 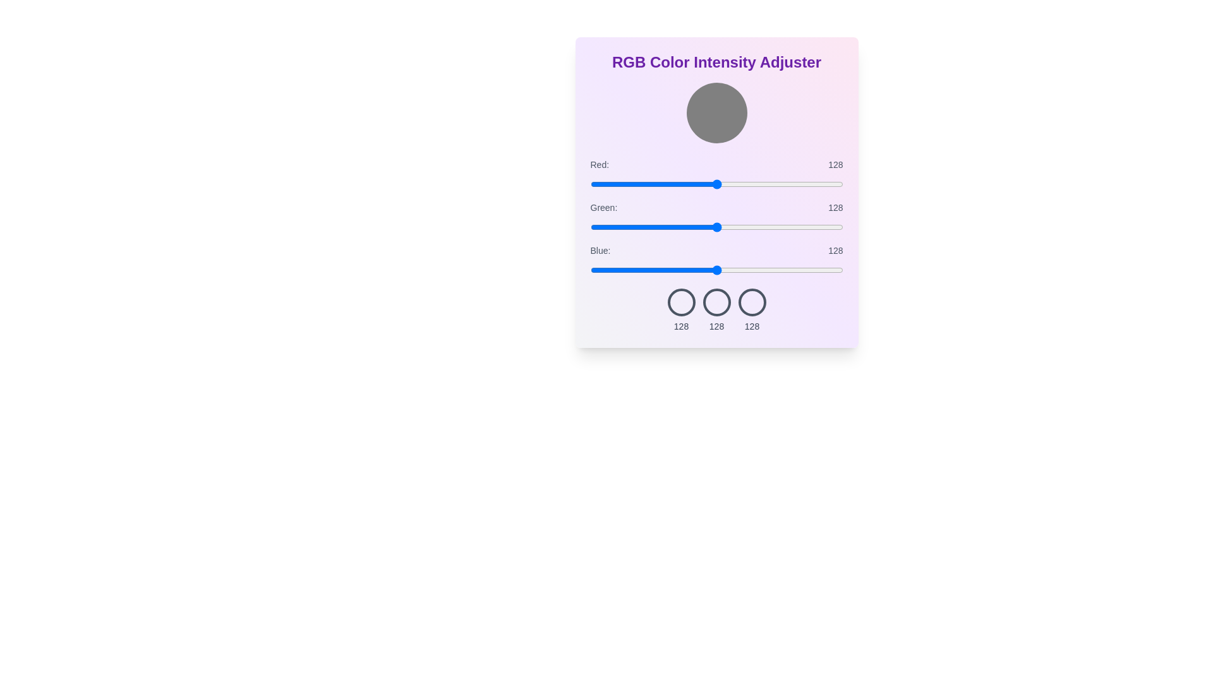 I want to click on the blue slider to 33, so click(x=623, y=270).